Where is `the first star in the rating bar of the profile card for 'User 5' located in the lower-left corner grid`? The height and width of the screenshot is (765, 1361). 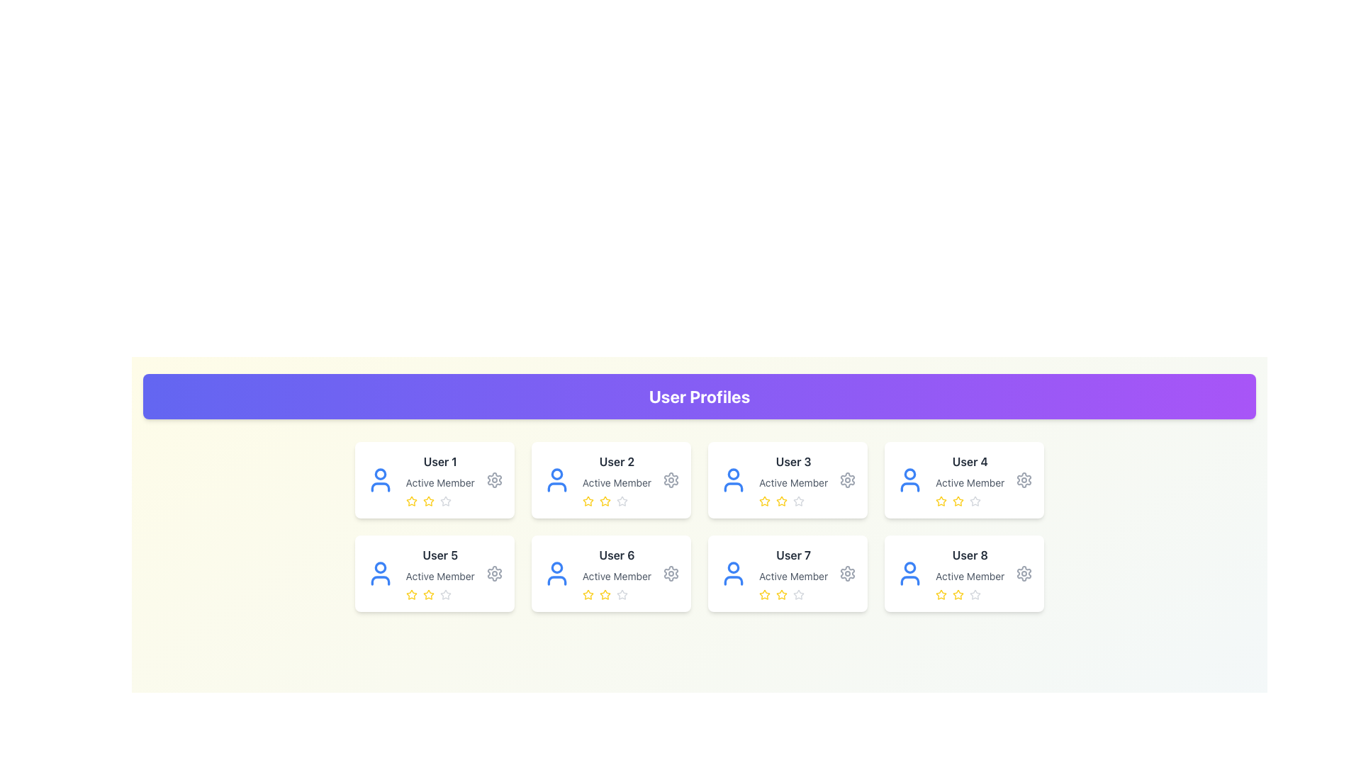 the first star in the rating bar of the profile card for 'User 5' located in the lower-left corner grid is located at coordinates (410, 595).